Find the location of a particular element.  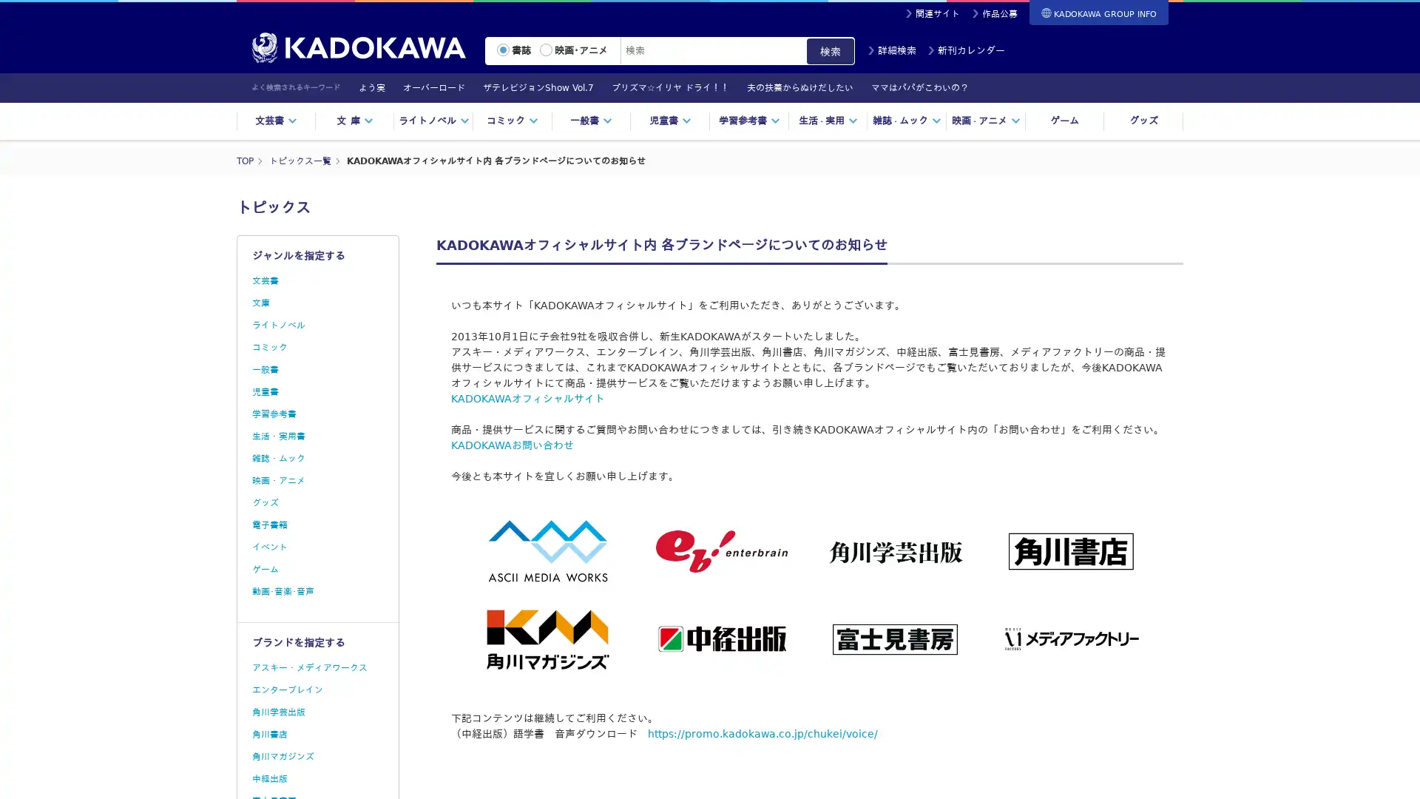

? 4 is located at coordinates (763, 111).